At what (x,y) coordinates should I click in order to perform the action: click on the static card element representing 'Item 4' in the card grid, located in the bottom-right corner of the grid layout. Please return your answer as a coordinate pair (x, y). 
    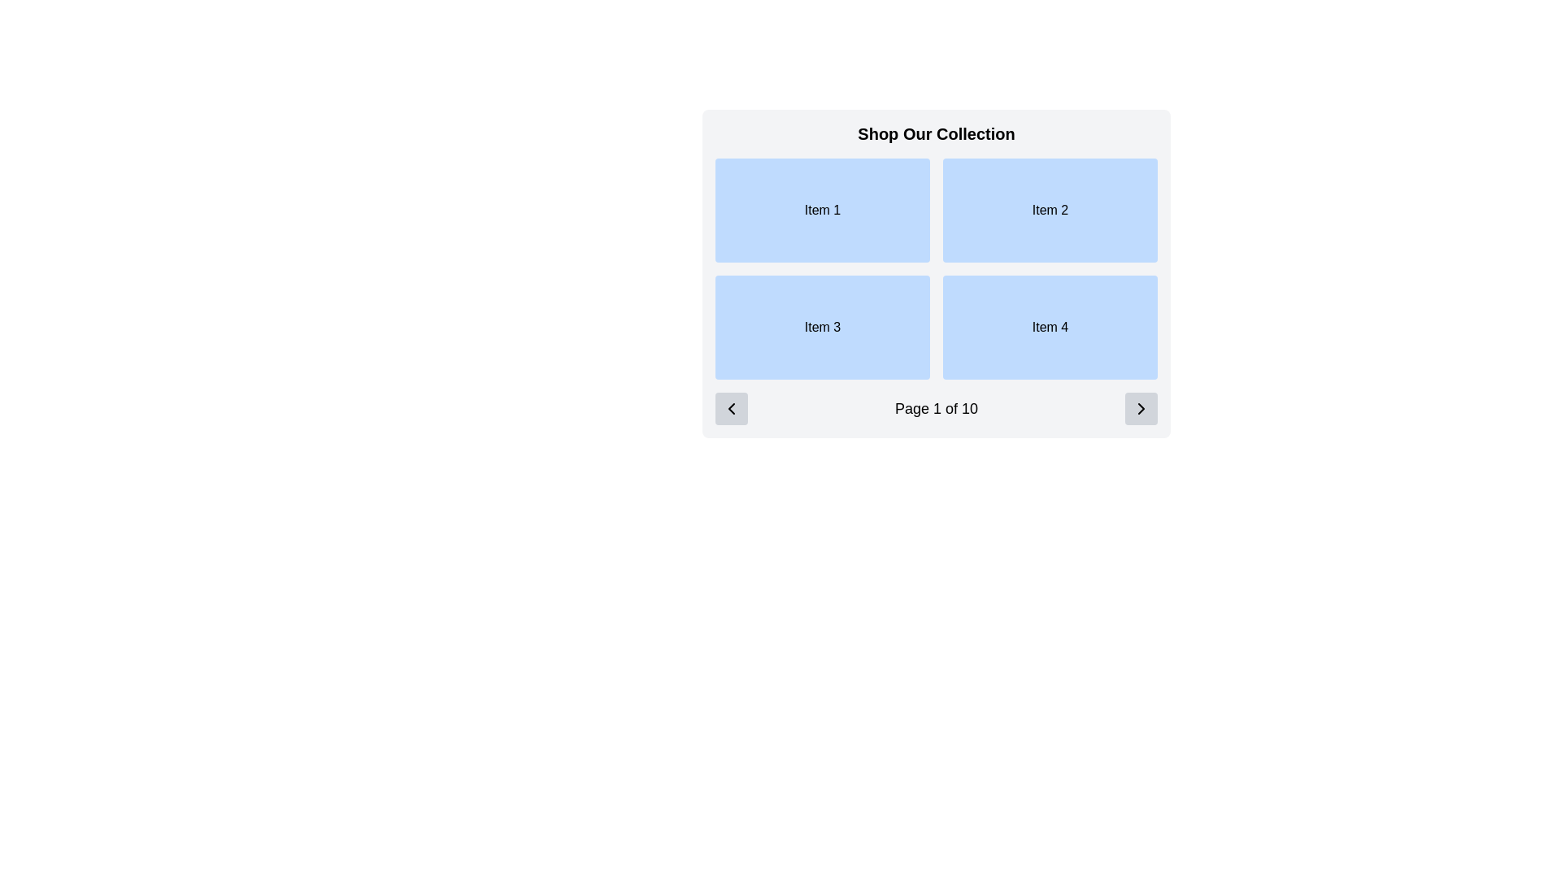
    Looking at the image, I should click on (1050, 327).